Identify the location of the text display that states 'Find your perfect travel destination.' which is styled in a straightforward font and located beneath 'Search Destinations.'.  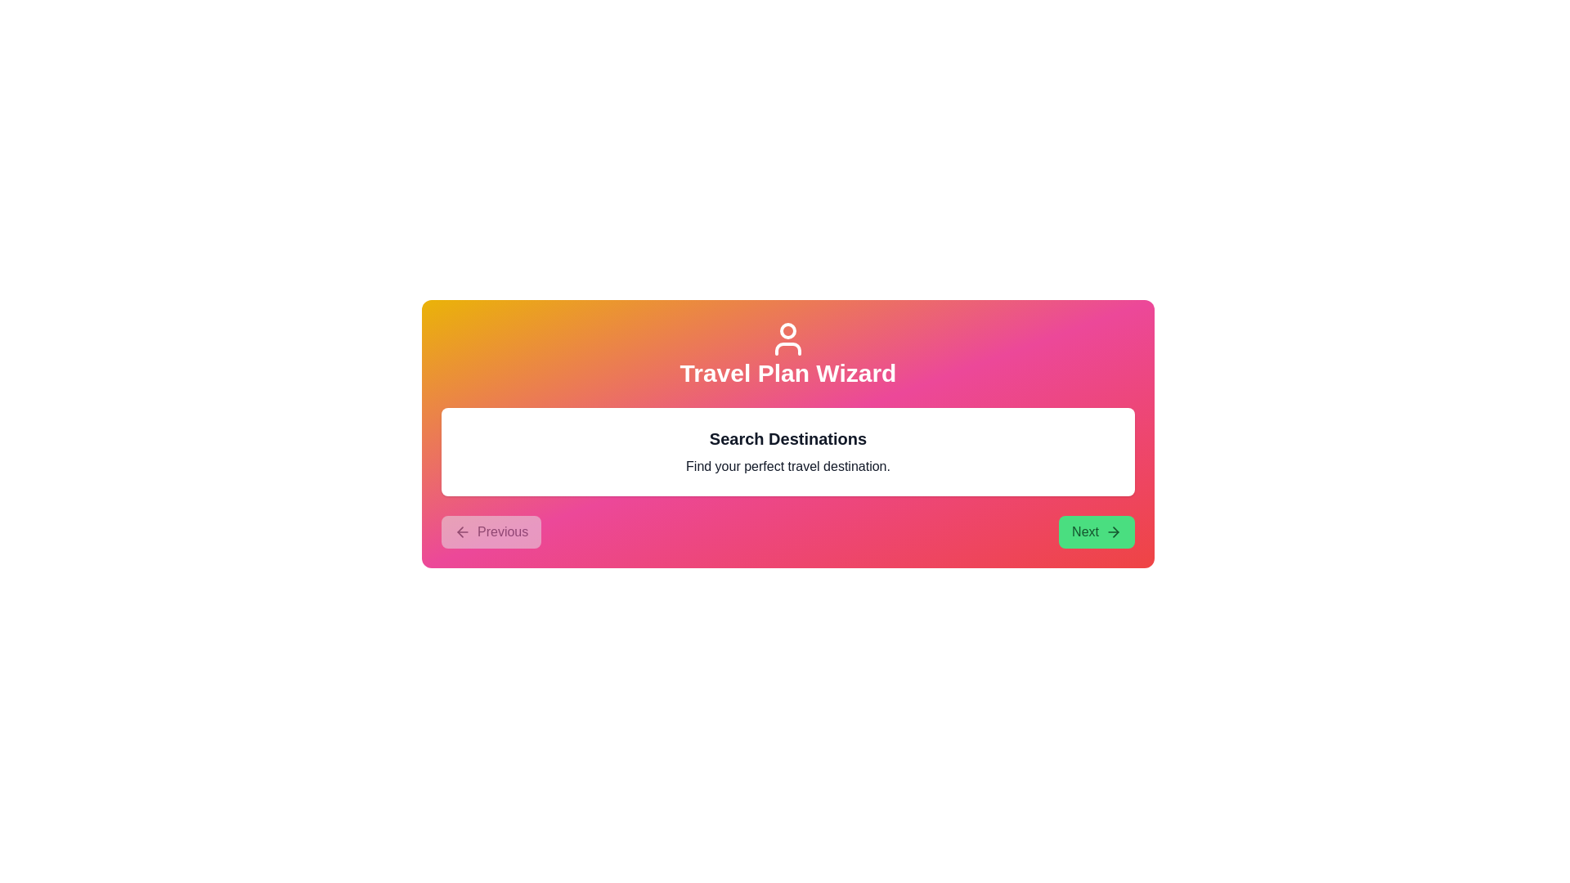
(788, 466).